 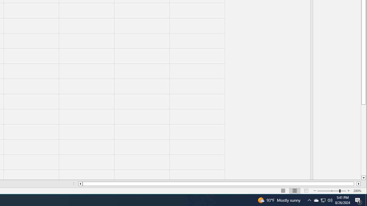 What do you see at coordinates (330, 200) in the screenshot?
I see `'Q2790: 100%'` at bounding box center [330, 200].